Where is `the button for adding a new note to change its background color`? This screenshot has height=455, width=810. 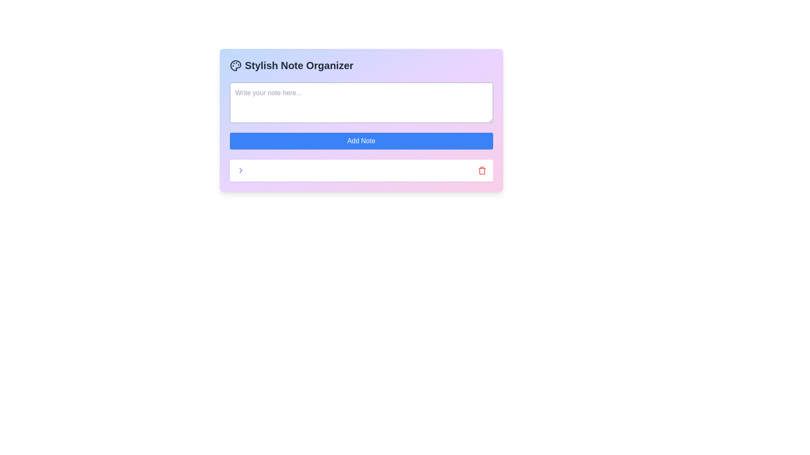
the button for adding a new note to change its background color is located at coordinates (361, 141).